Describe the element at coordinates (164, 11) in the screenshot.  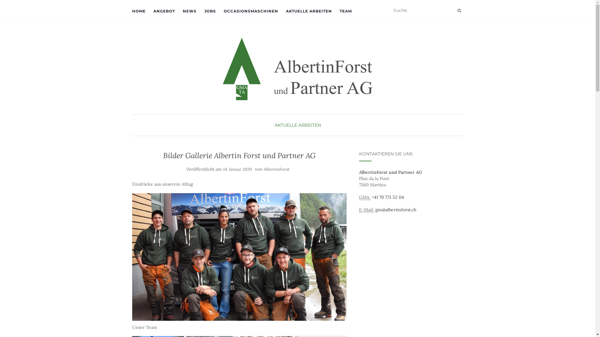
I see `'ANGEBOT'` at that location.